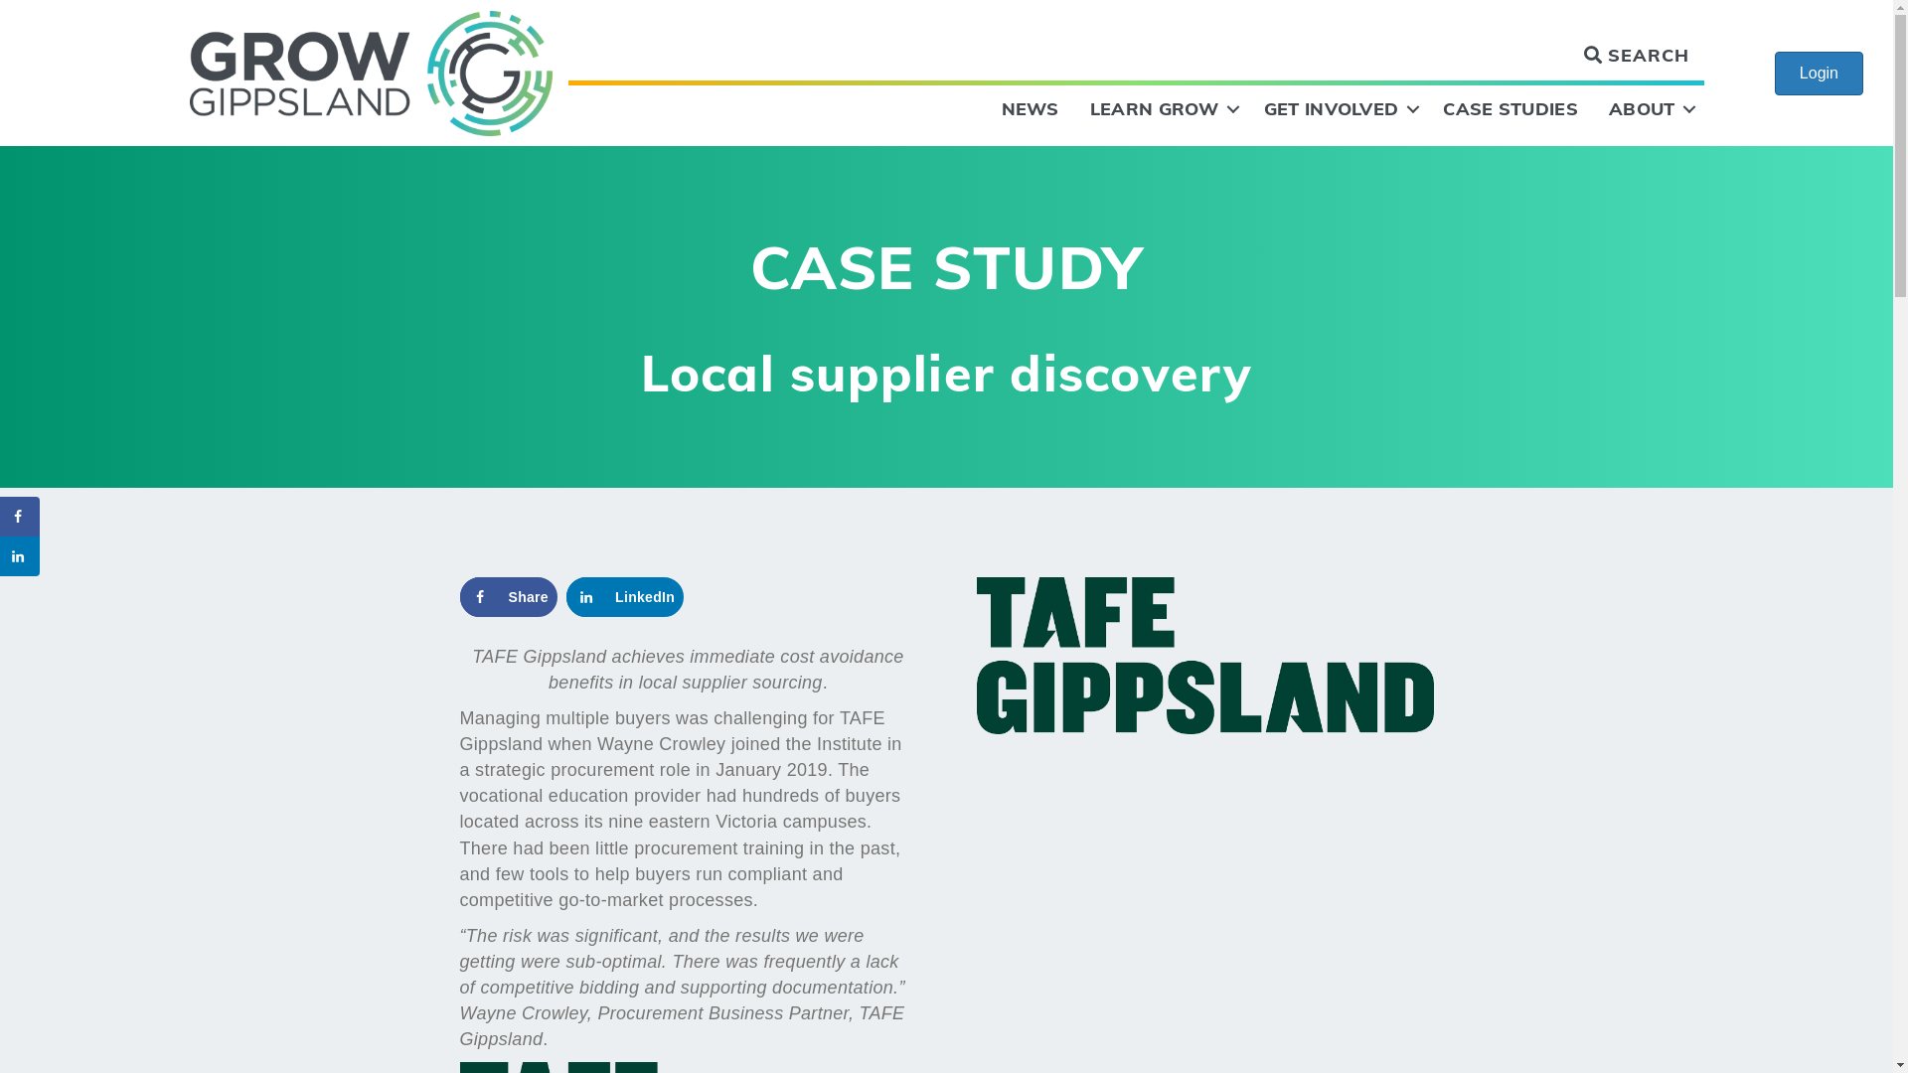 This screenshot has width=1908, height=1073. Describe the element at coordinates (623, 596) in the screenshot. I see `'LinkedIn'` at that location.